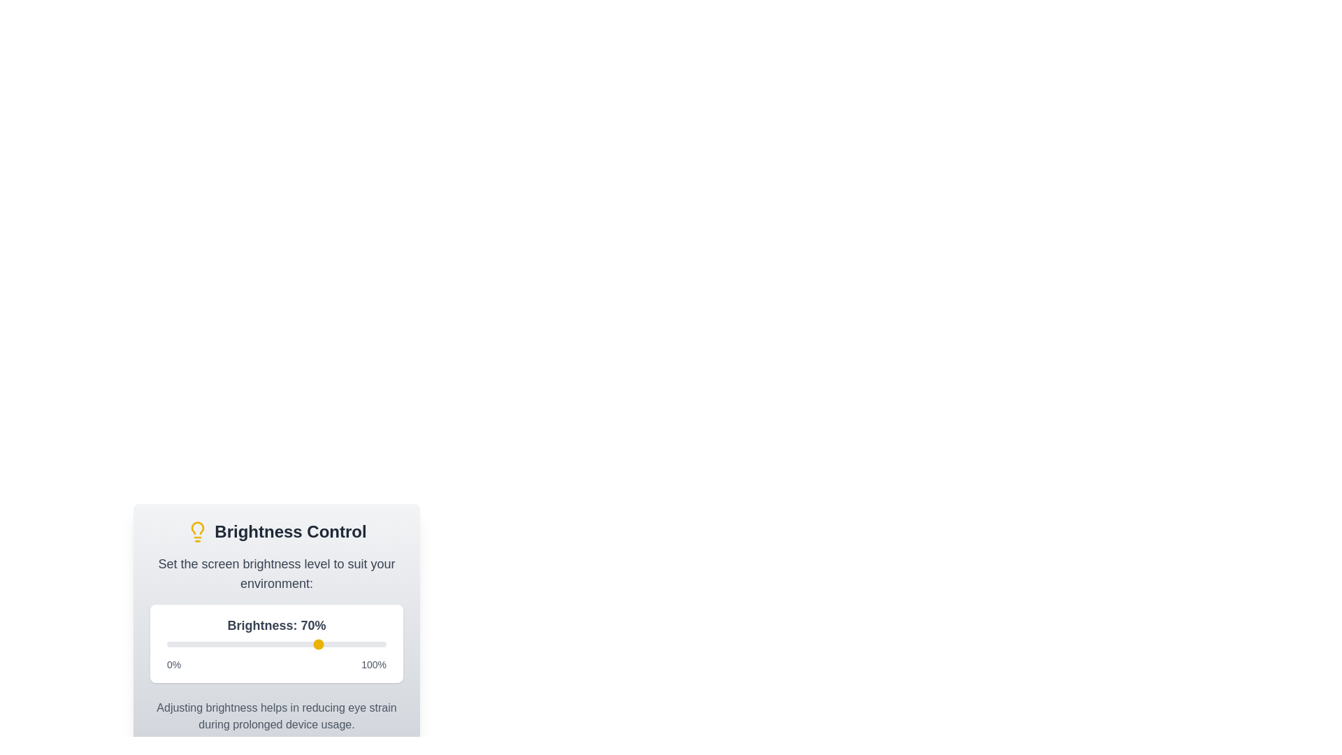 The height and width of the screenshot is (755, 1342). Describe the element at coordinates (360, 644) in the screenshot. I see `the brightness slider to 88%` at that location.